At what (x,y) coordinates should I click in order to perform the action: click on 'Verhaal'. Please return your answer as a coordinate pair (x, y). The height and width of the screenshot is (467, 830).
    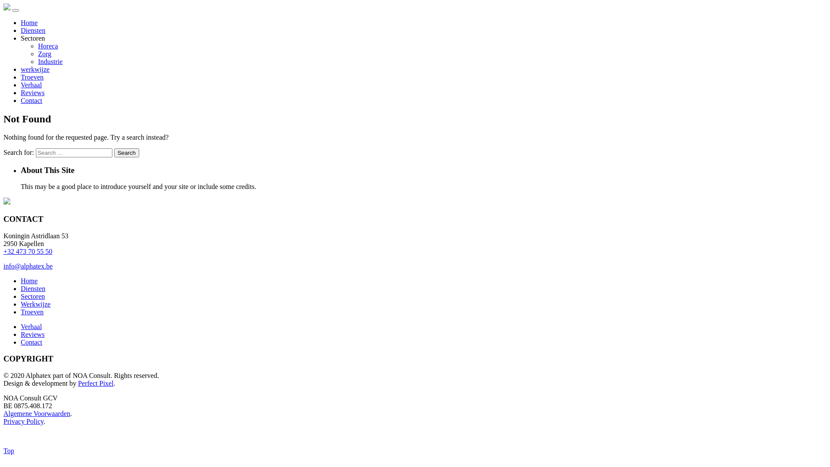
    Looking at the image, I should click on (31, 326).